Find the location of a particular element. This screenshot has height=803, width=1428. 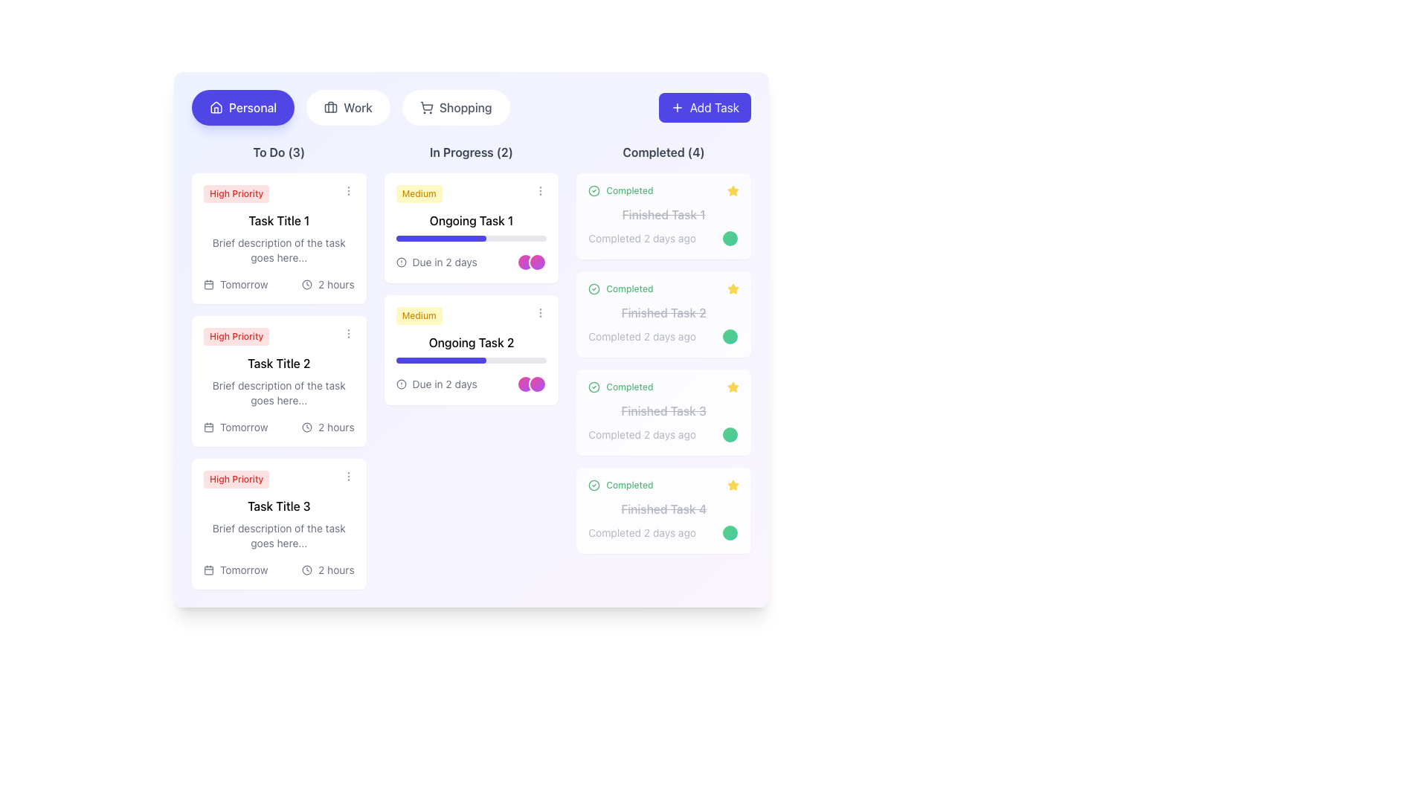

the static text displaying the completion status and time since the task's completion, located near the bottom of the card labeled 'Finished Task 1' in the 'Completed' column is located at coordinates (663, 237).